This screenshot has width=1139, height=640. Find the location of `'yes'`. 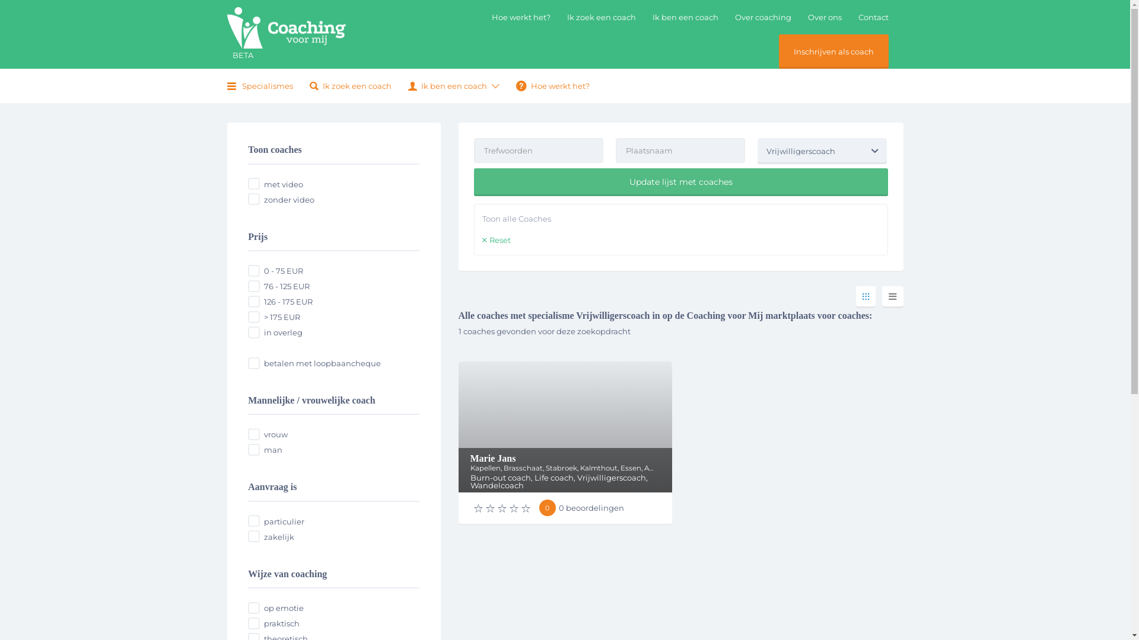

'yes' is located at coordinates (253, 183).